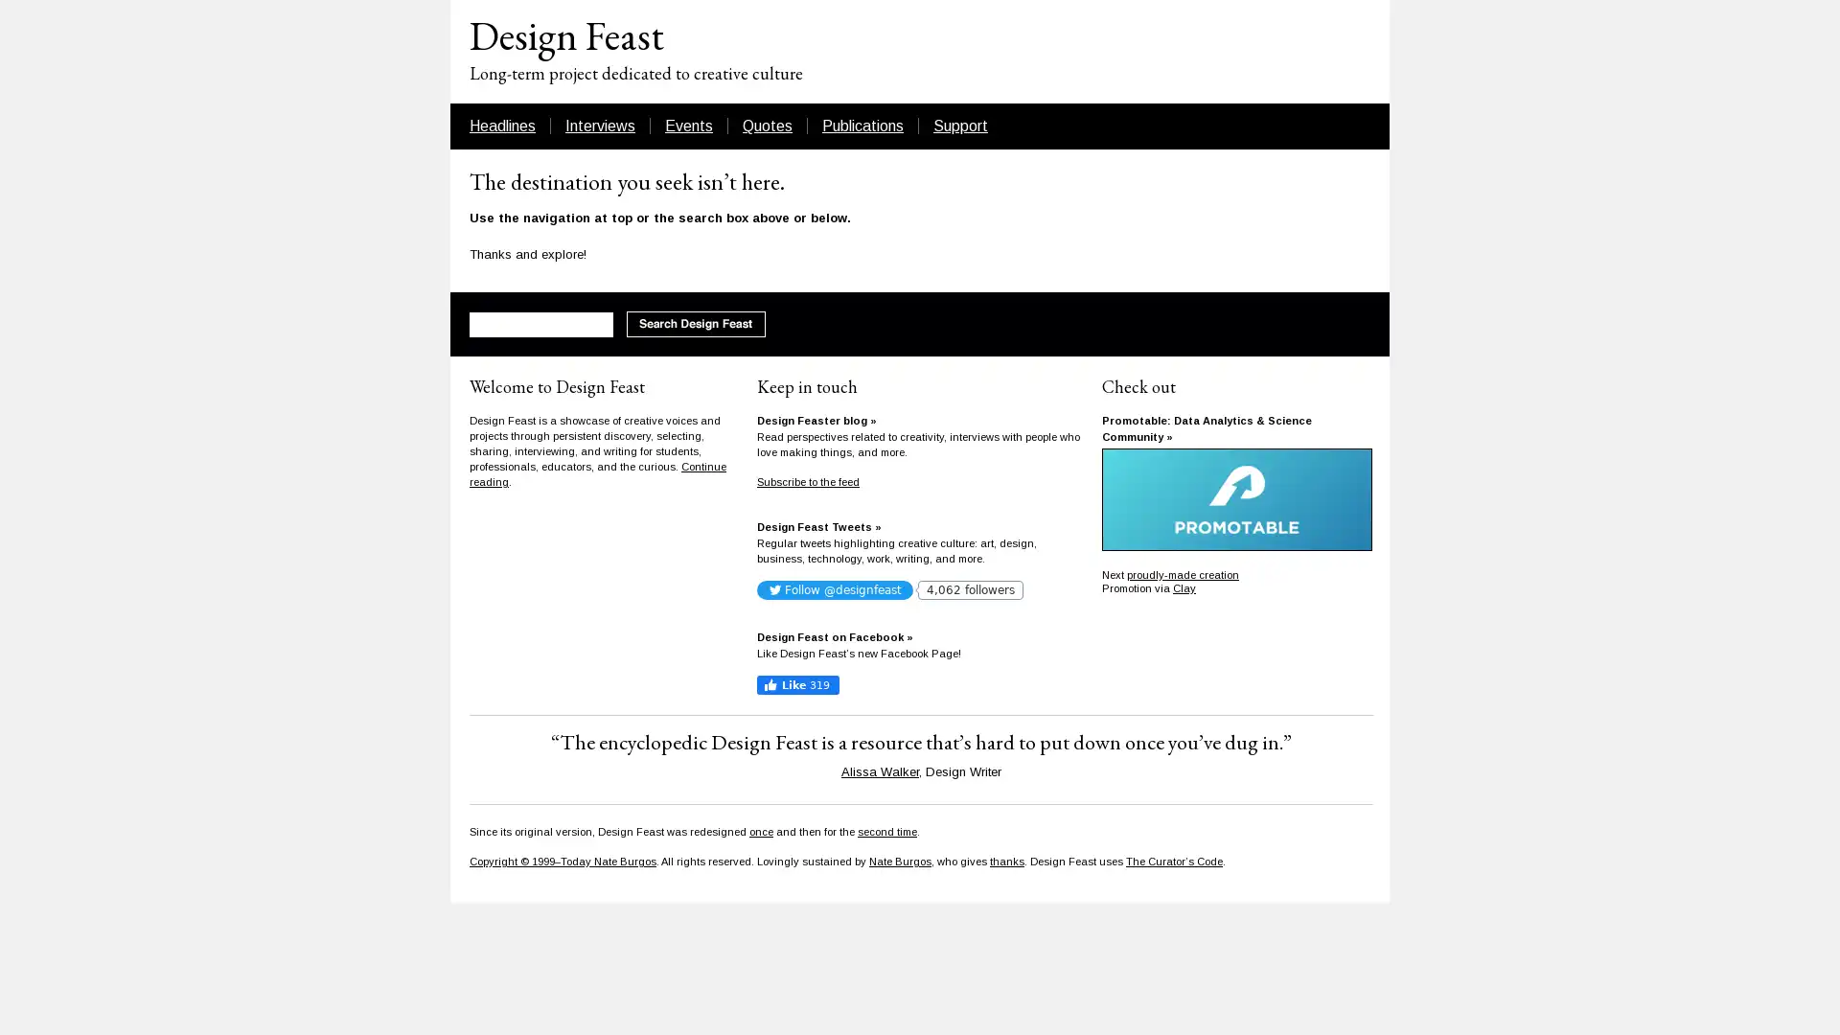  Describe the element at coordinates (695, 323) in the screenshot. I see `Search Design Feast` at that location.